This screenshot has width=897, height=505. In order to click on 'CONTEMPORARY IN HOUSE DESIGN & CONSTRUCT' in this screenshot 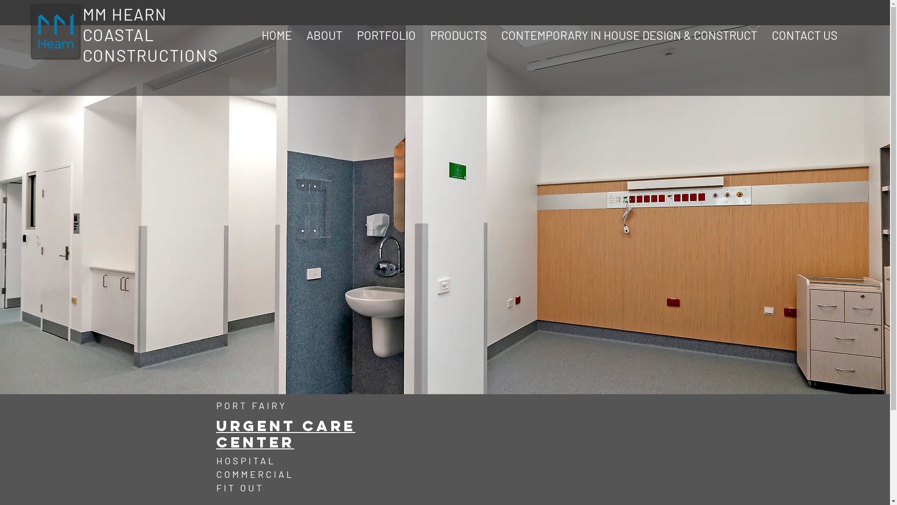, I will do `click(629, 34)`.